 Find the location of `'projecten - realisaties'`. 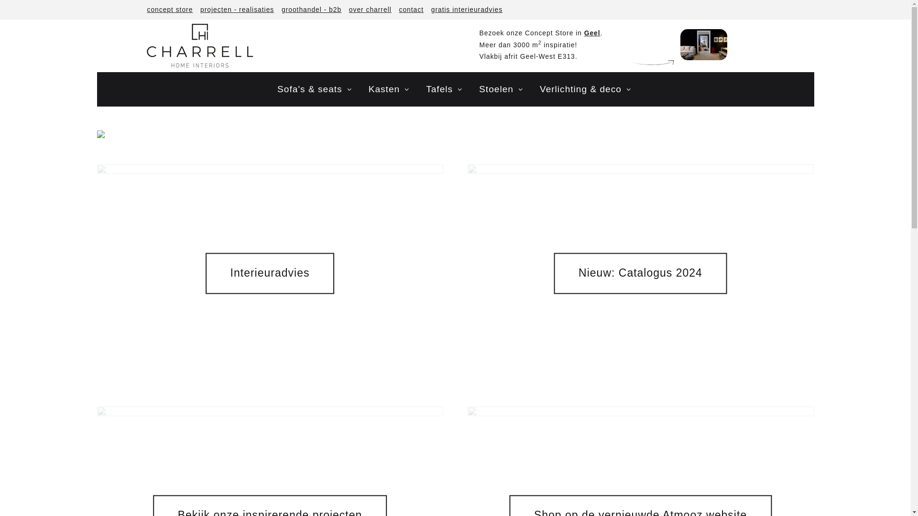

'projecten - realisaties' is located at coordinates (197, 10).